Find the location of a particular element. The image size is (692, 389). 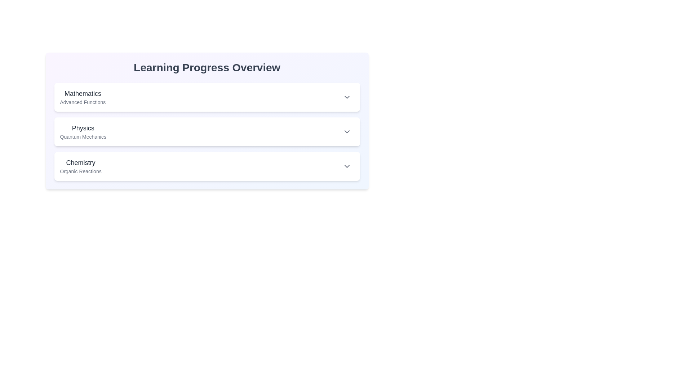

the downward-facing chevron icon at the end of the 'Chemistry' and 'Organic Reactions' row is located at coordinates (347, 166).